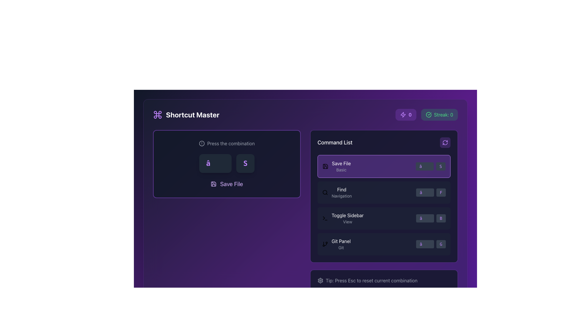 This screenshot has height=317, width=565. Describe the element at coordinates (445, 143) in the screenshot. I see `the refresh icon button located in the top-right corner of the 'Command List' panel` at that location.